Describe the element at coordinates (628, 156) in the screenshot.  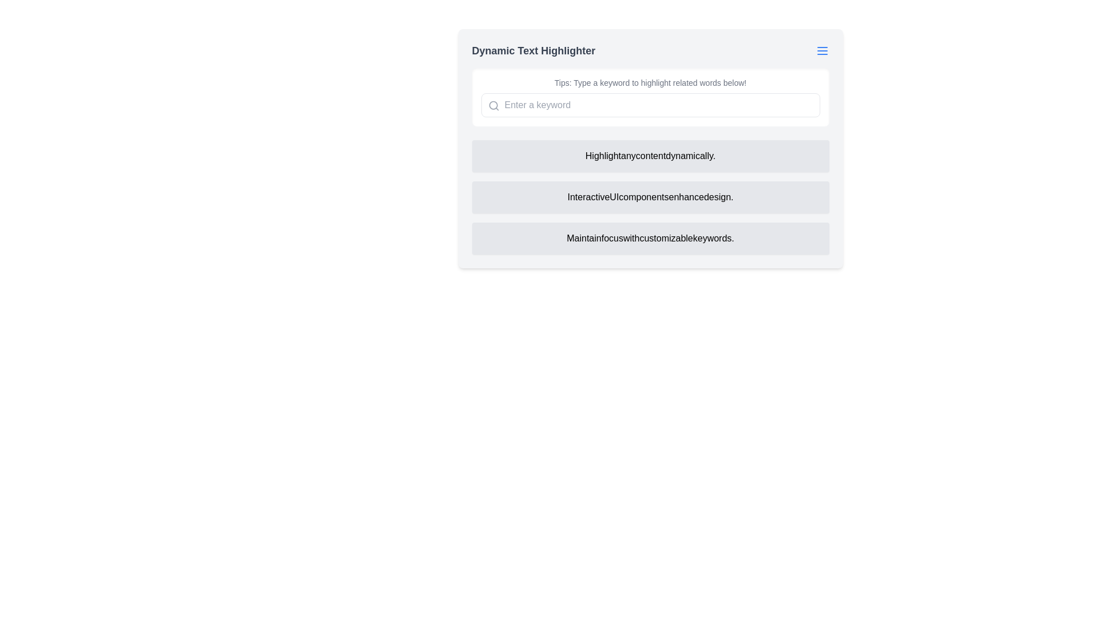
I see `the text element 'any', which is the second word in the sentence 'Highlight any content dynamically.'` at that location.